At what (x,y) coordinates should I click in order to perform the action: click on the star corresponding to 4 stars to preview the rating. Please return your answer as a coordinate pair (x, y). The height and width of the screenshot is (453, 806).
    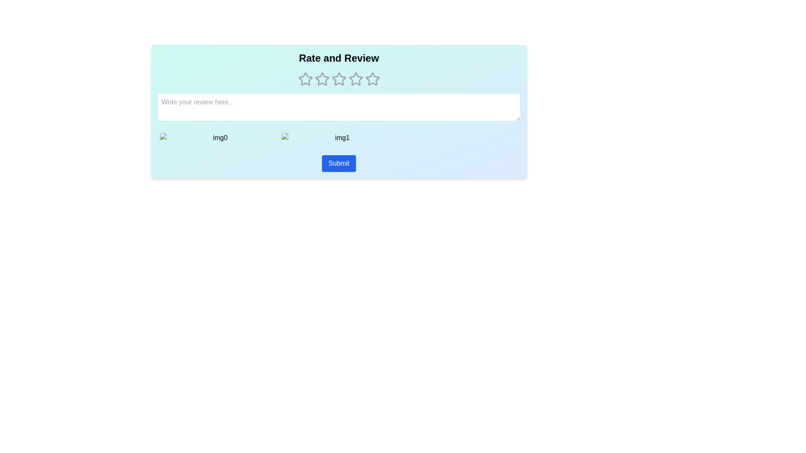
    Looking at the image, I should click on (356, 79).